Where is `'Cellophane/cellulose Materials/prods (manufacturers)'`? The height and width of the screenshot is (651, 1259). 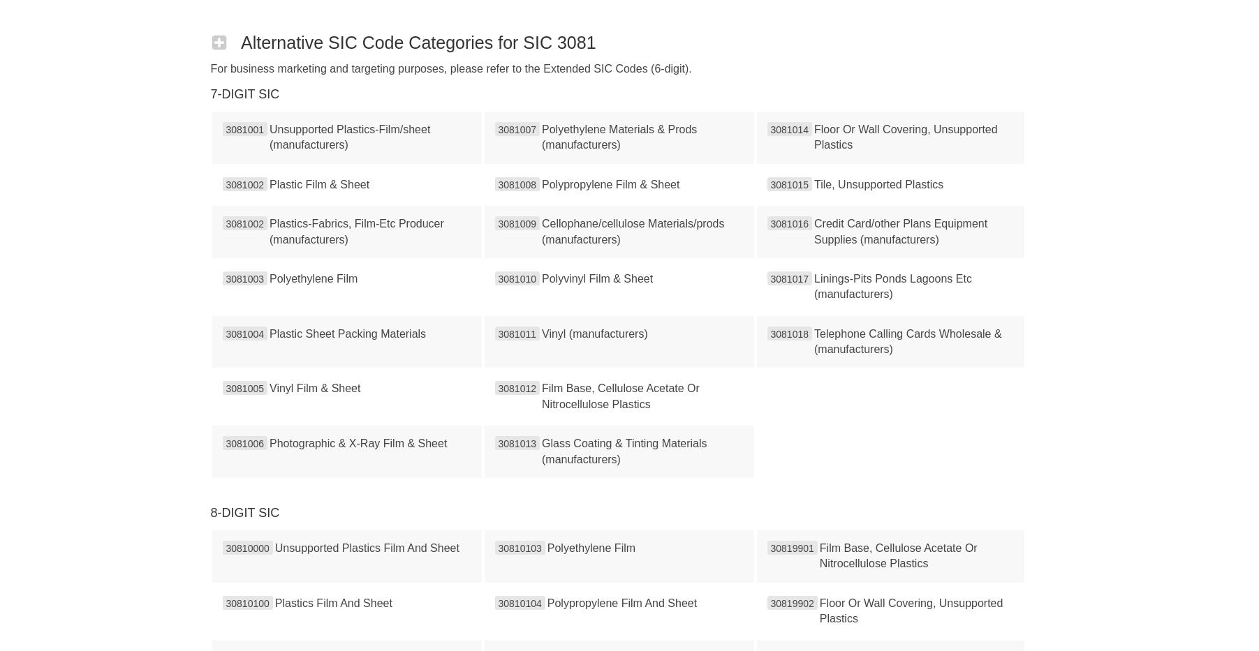 'Cellophane/cellulose Materials/prods (manufacturers)' is located at coordinates (633, 230).